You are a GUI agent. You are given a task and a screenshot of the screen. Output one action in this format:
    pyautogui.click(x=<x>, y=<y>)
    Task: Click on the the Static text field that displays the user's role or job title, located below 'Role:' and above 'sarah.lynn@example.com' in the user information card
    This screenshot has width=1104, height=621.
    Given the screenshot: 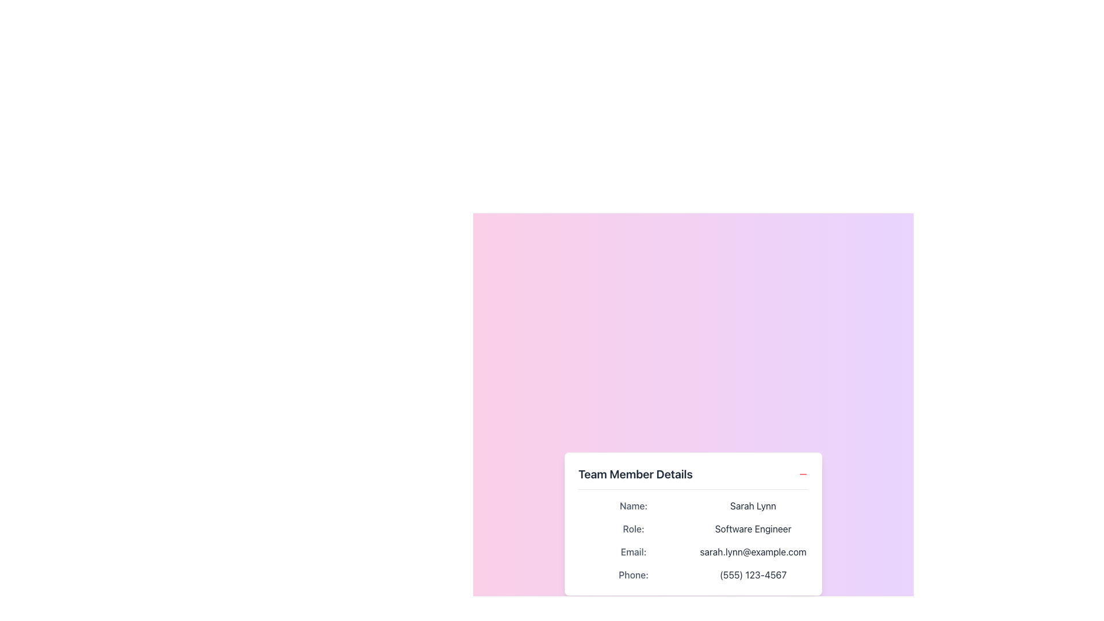 What is the action you would take?
    pyautogui.click(x=753, y=528)
    